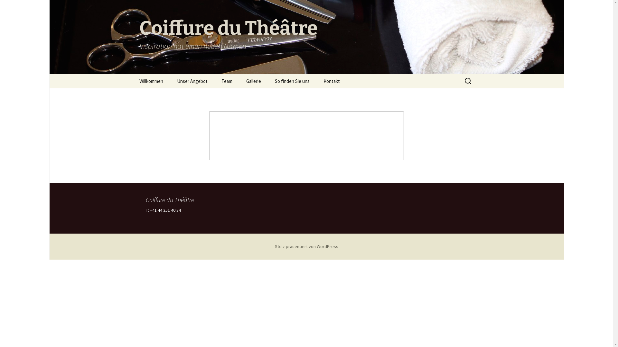 This screenshot has height=347, width=618. Describe the element at coordinates (151, 81) in the screenshot. I see `'Willkommen'` at that location.